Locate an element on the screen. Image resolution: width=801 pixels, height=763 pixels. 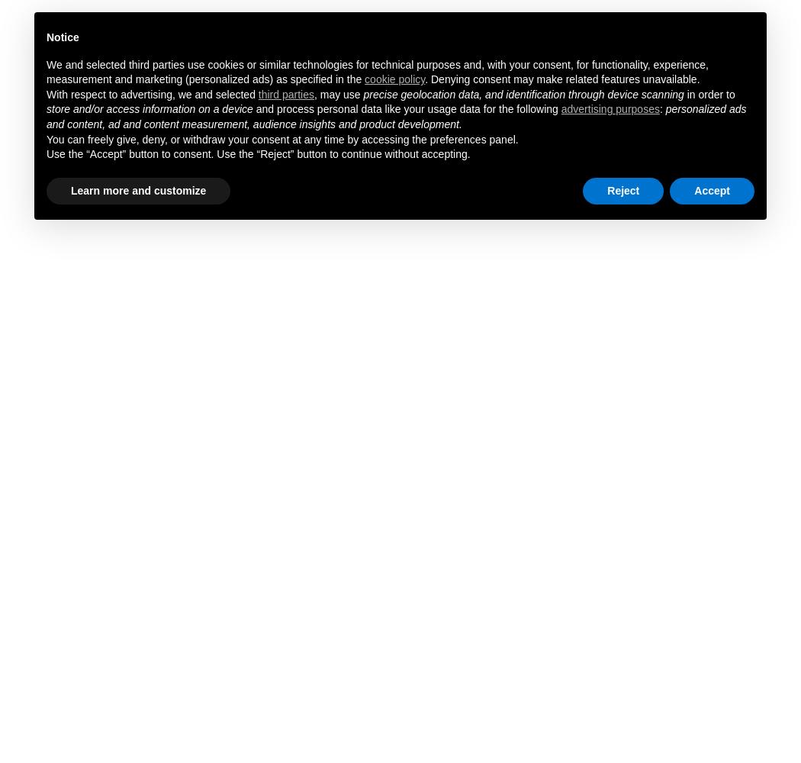
'You can freely give, deny, or withdraw your consent at any time by accessing the preferences panel.' is located at coordinates (281, 139).